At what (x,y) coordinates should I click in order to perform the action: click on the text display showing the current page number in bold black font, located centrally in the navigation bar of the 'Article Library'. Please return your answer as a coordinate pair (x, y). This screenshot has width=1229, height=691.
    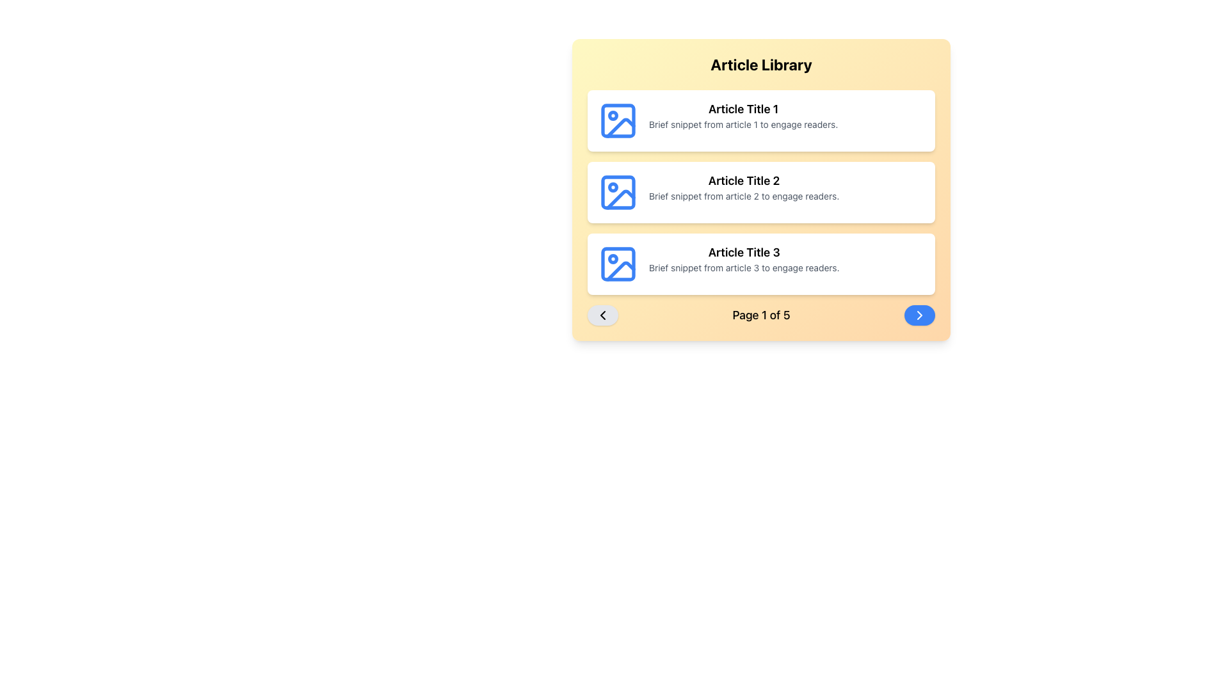
    Looking at the image, I should click on (761, 315).